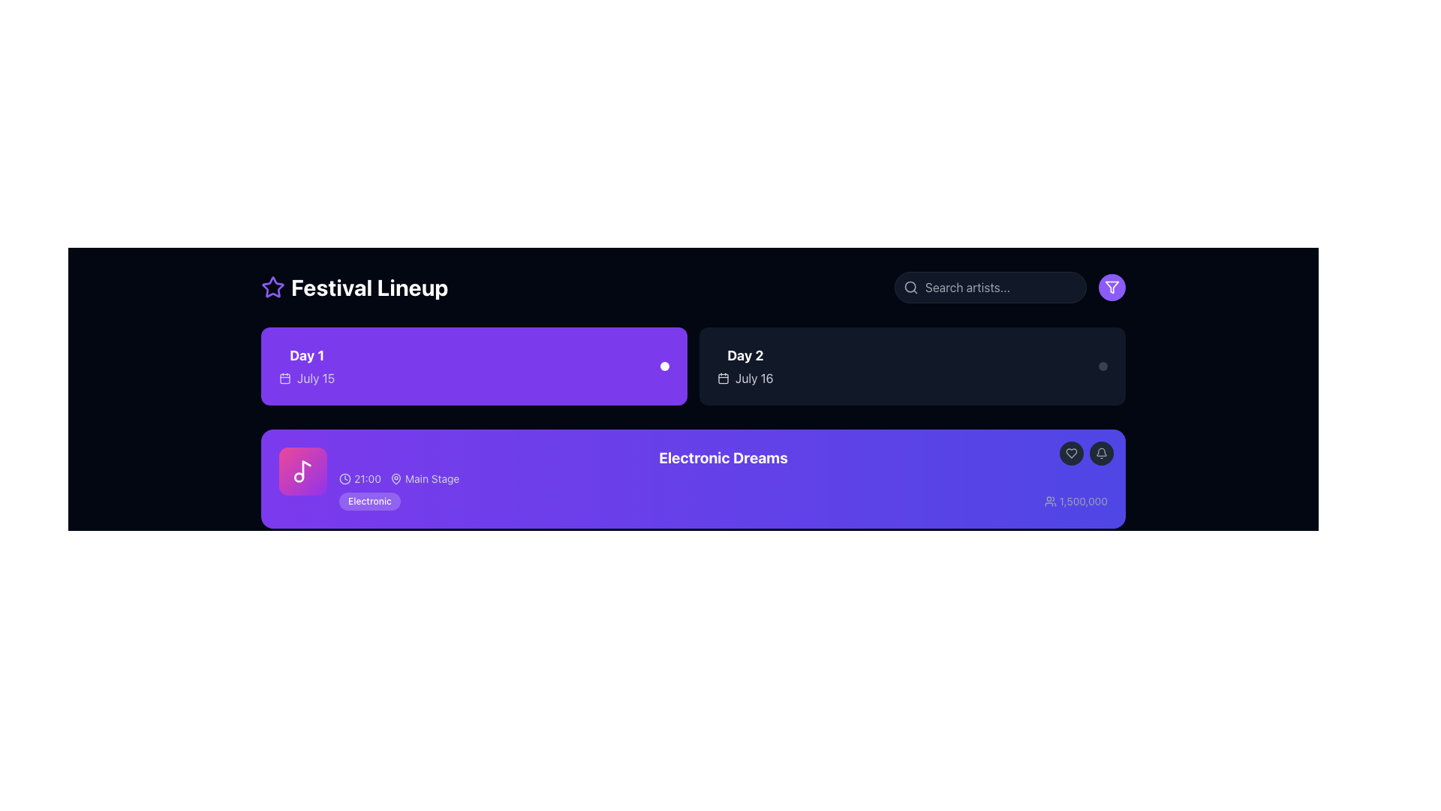  What do you see at coordinates (302, 471) in the screenshot?
I see `the musical note icon located inside the pink rounded square for navigation or actions` at bounding box center [302, 471].